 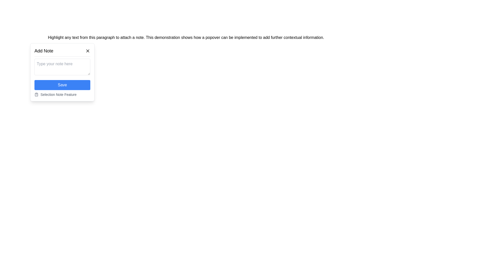 I want to click on the close button on the right end of the header section of the 'Add Note' popup, so click(x=88, y=51).